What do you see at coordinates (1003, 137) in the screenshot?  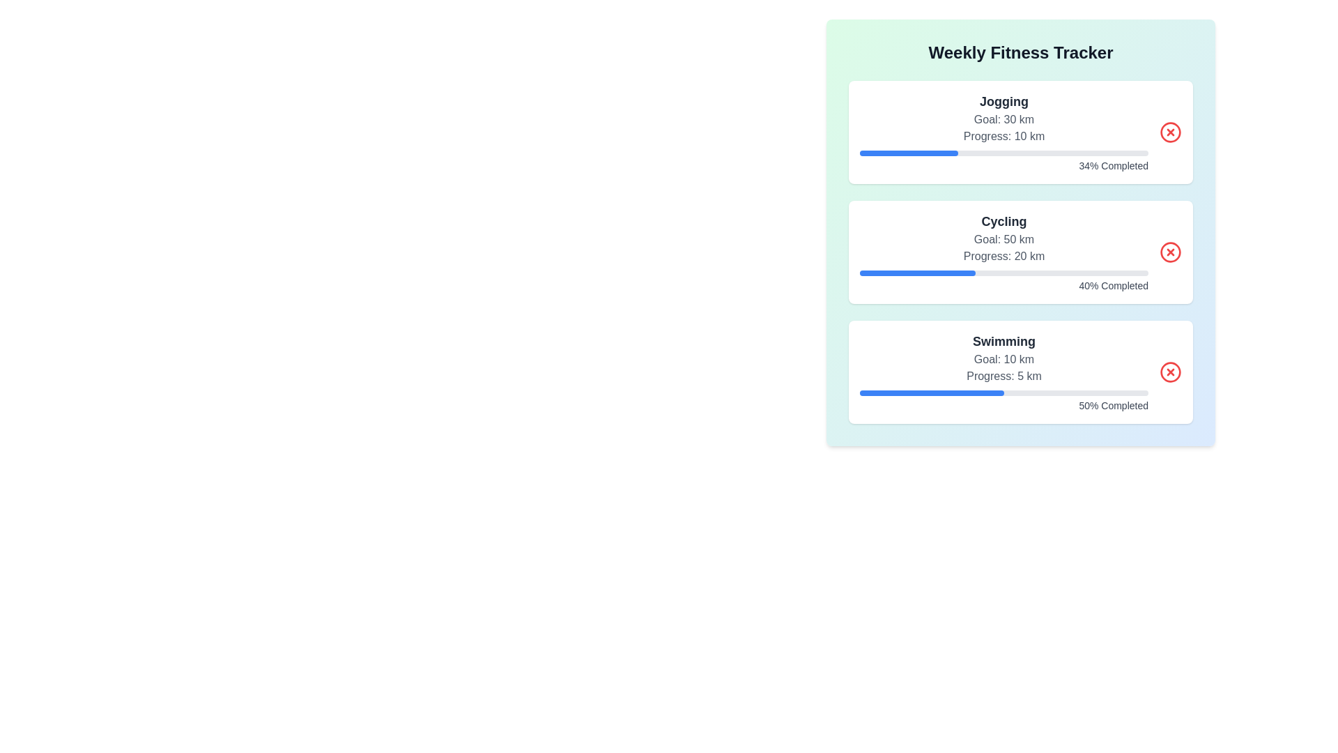 I see `the text label indicating the current progress of the jogging activity in kilometers, which is the third item in a vertical stack within the jogging progress card` at bounding box center [1003, 137].